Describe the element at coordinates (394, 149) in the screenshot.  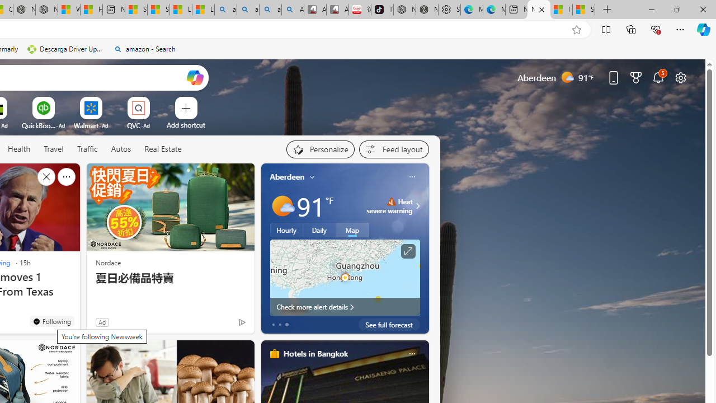
I see `'Feed settings'` at that location.